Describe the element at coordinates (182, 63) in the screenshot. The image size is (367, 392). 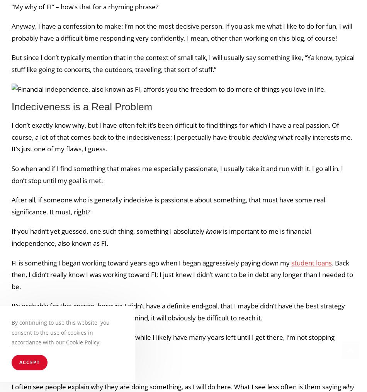
I see `'But since I don’t typically mention that in the context of small talk, I will usually say something like, “Ya know, typical stuff like going to concerts, the outdoors, traveling; that sort of stuff.”'` at that location.